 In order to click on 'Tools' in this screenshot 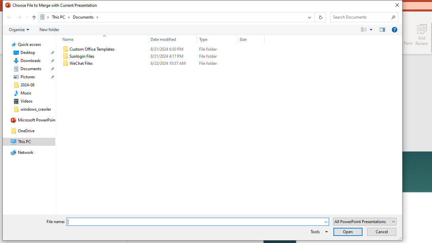, I will do `click(318, 231)`.